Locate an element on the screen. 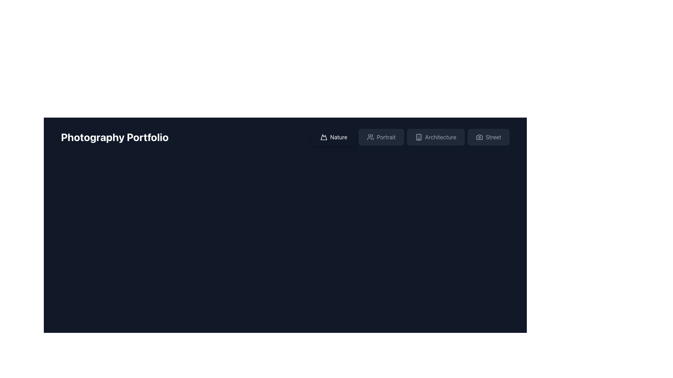 The width and height of the screenshot is (673, 378). the 'Street' button located in the top-right horizontal menu bar to allow keyboard interaction is located at coordinates (488, 137).